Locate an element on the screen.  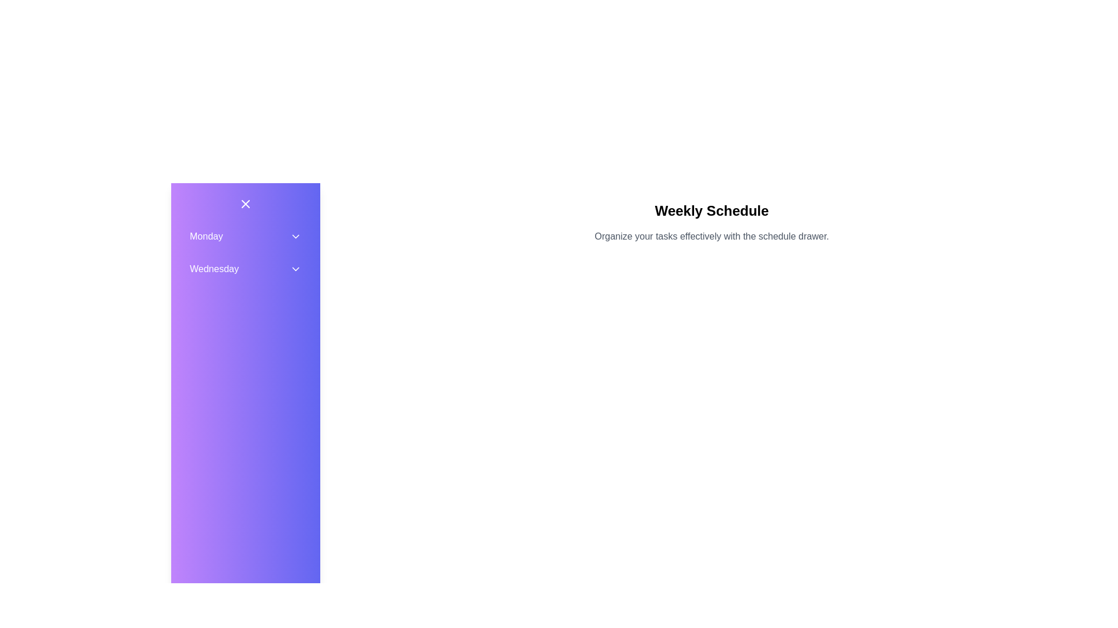
the 'X' button to toggle the visibility of the drawer is located at coordinates (245, 204).